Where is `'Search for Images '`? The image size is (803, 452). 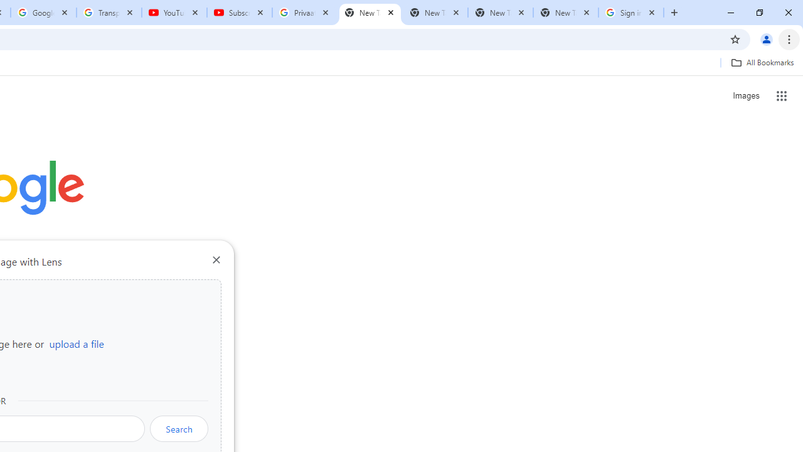
'Search for Images ' is located at coordinates (746, 95).